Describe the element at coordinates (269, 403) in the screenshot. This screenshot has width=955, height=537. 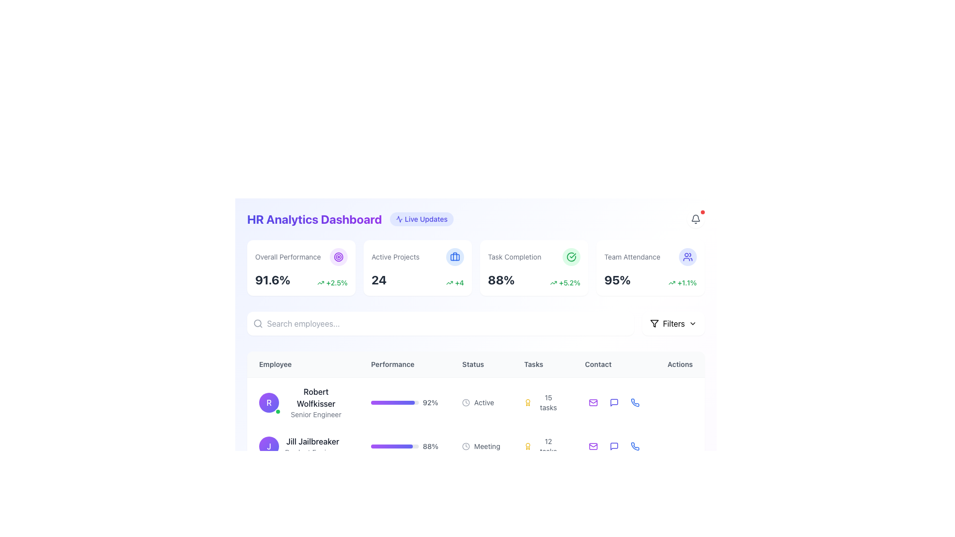
I see `the Avatar with badge representing the user 'Robert Wolfkisser', which is positioned at the leftmost side of the employee information row` at that location.